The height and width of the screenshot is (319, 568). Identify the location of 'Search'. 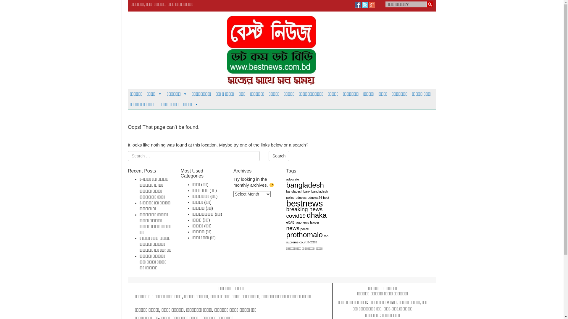
(268, 156).